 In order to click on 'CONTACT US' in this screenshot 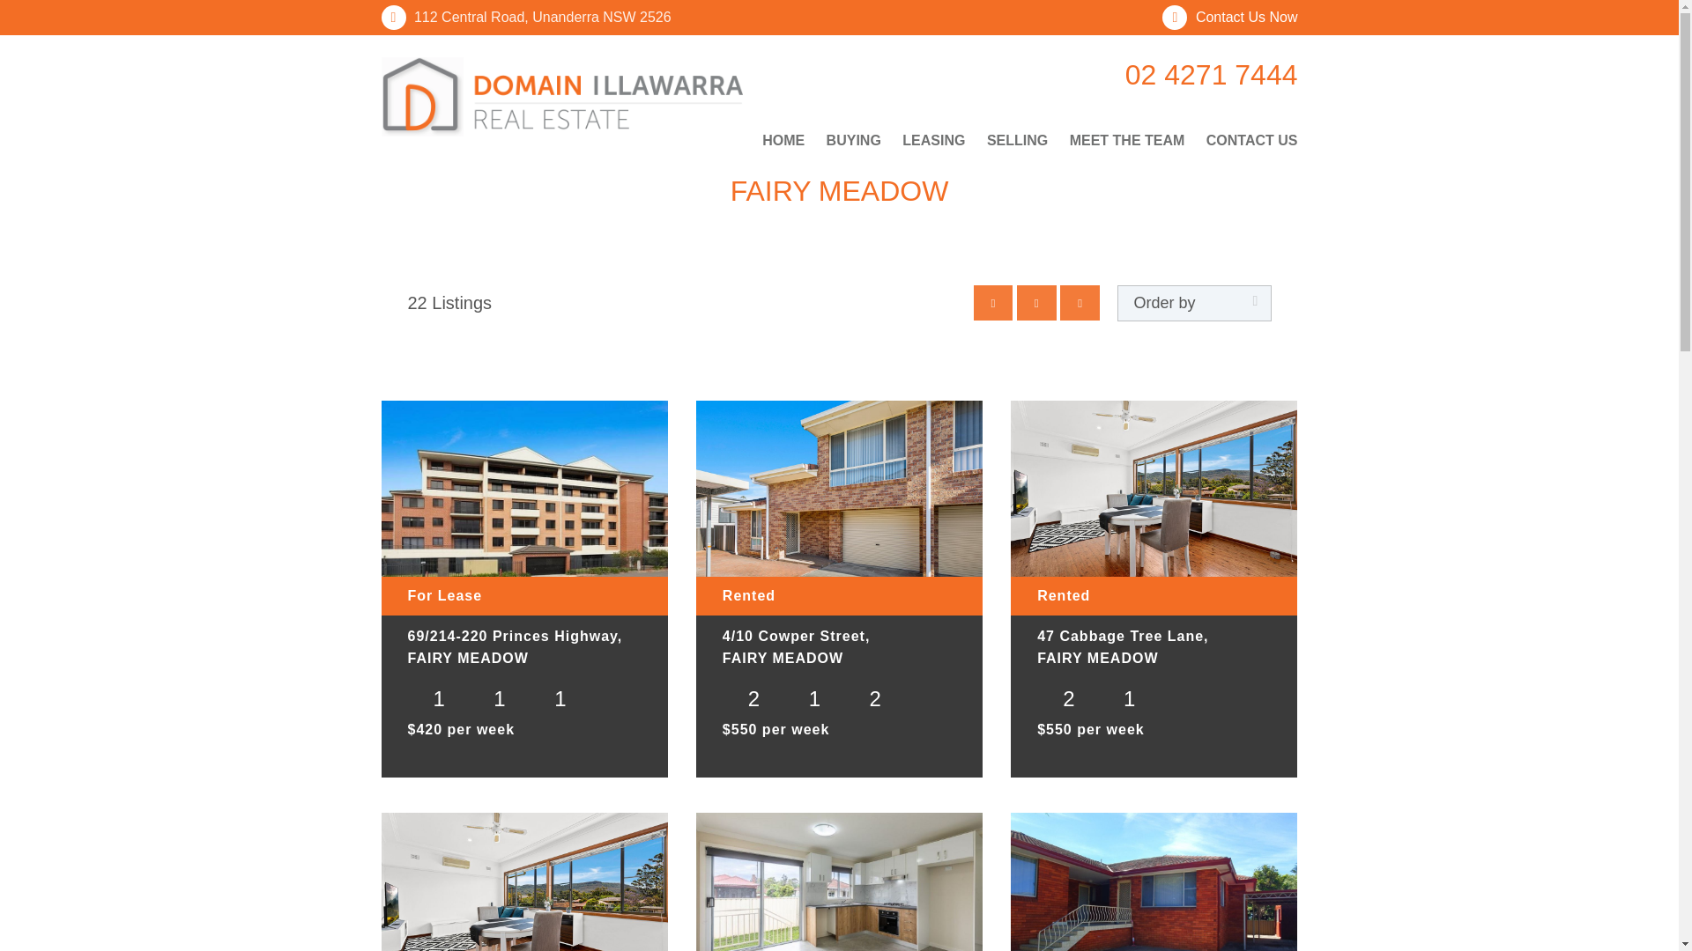, I will do `click(1247, 139)`.